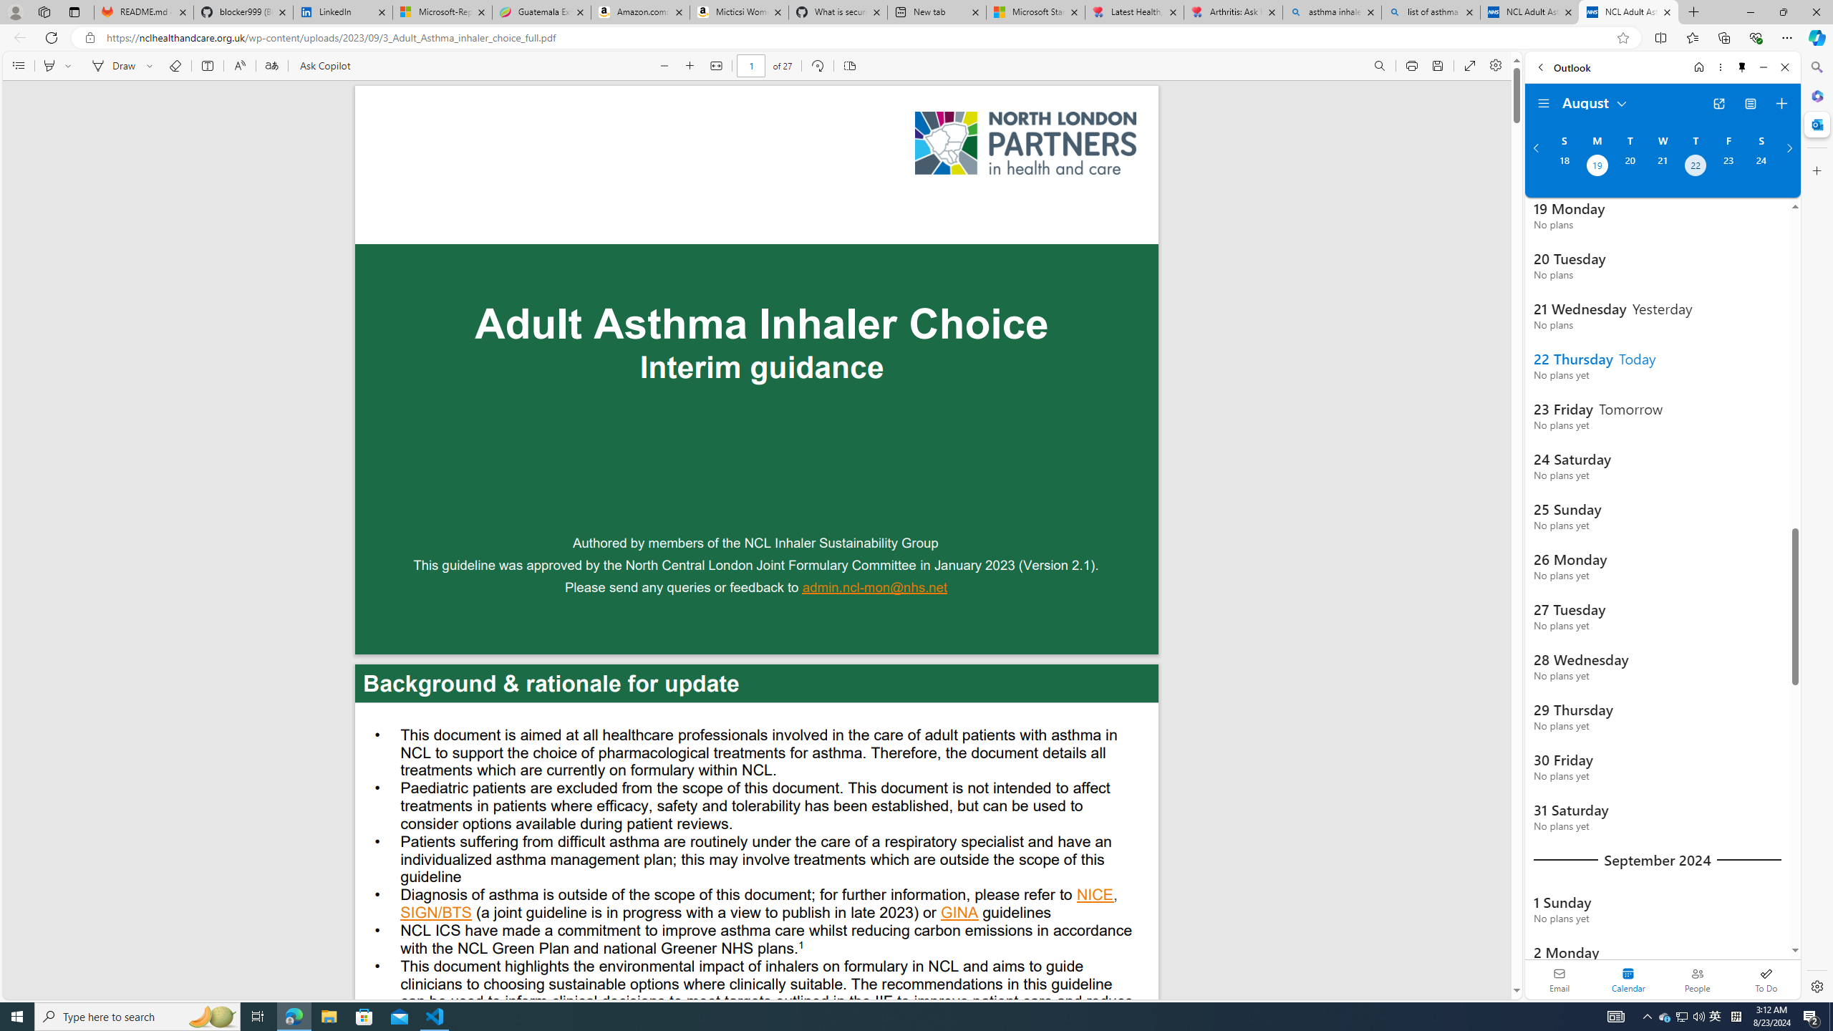 Image resolution: width=1833 pixels, height=1031 pixels. I want to click on 'Folder navigation', so click(1543, 104).